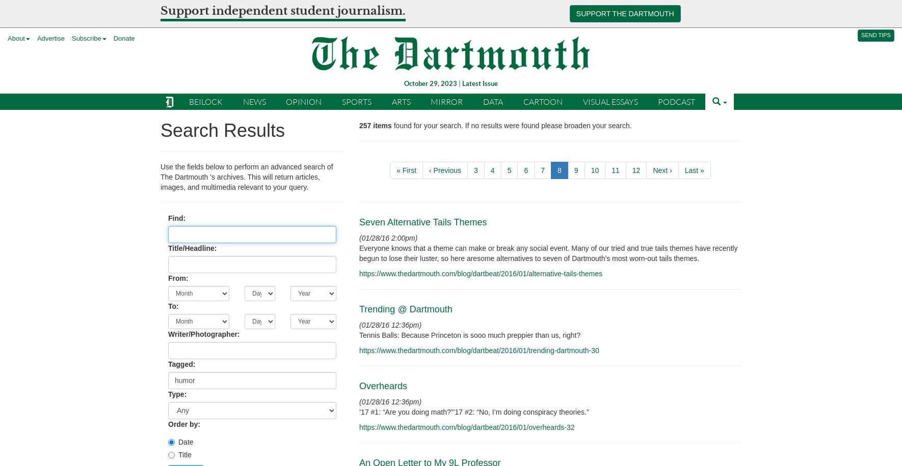 This screenshot has width=902, height=466. I want to click on 'Advertise', so click(36, 38).